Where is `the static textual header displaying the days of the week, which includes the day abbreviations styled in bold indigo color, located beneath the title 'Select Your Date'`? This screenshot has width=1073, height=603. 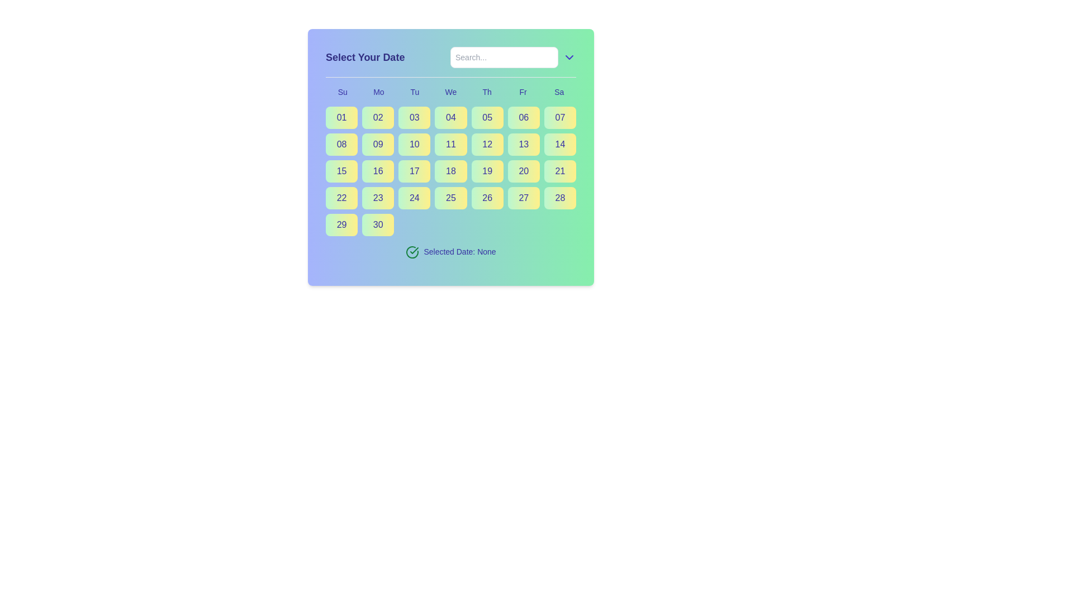 the static textual header displaying the days of the week, which includes the day abbreviations styled in bold indigo color, located beneath the title 'Select Your Date' is located at coordinates (450, 92).